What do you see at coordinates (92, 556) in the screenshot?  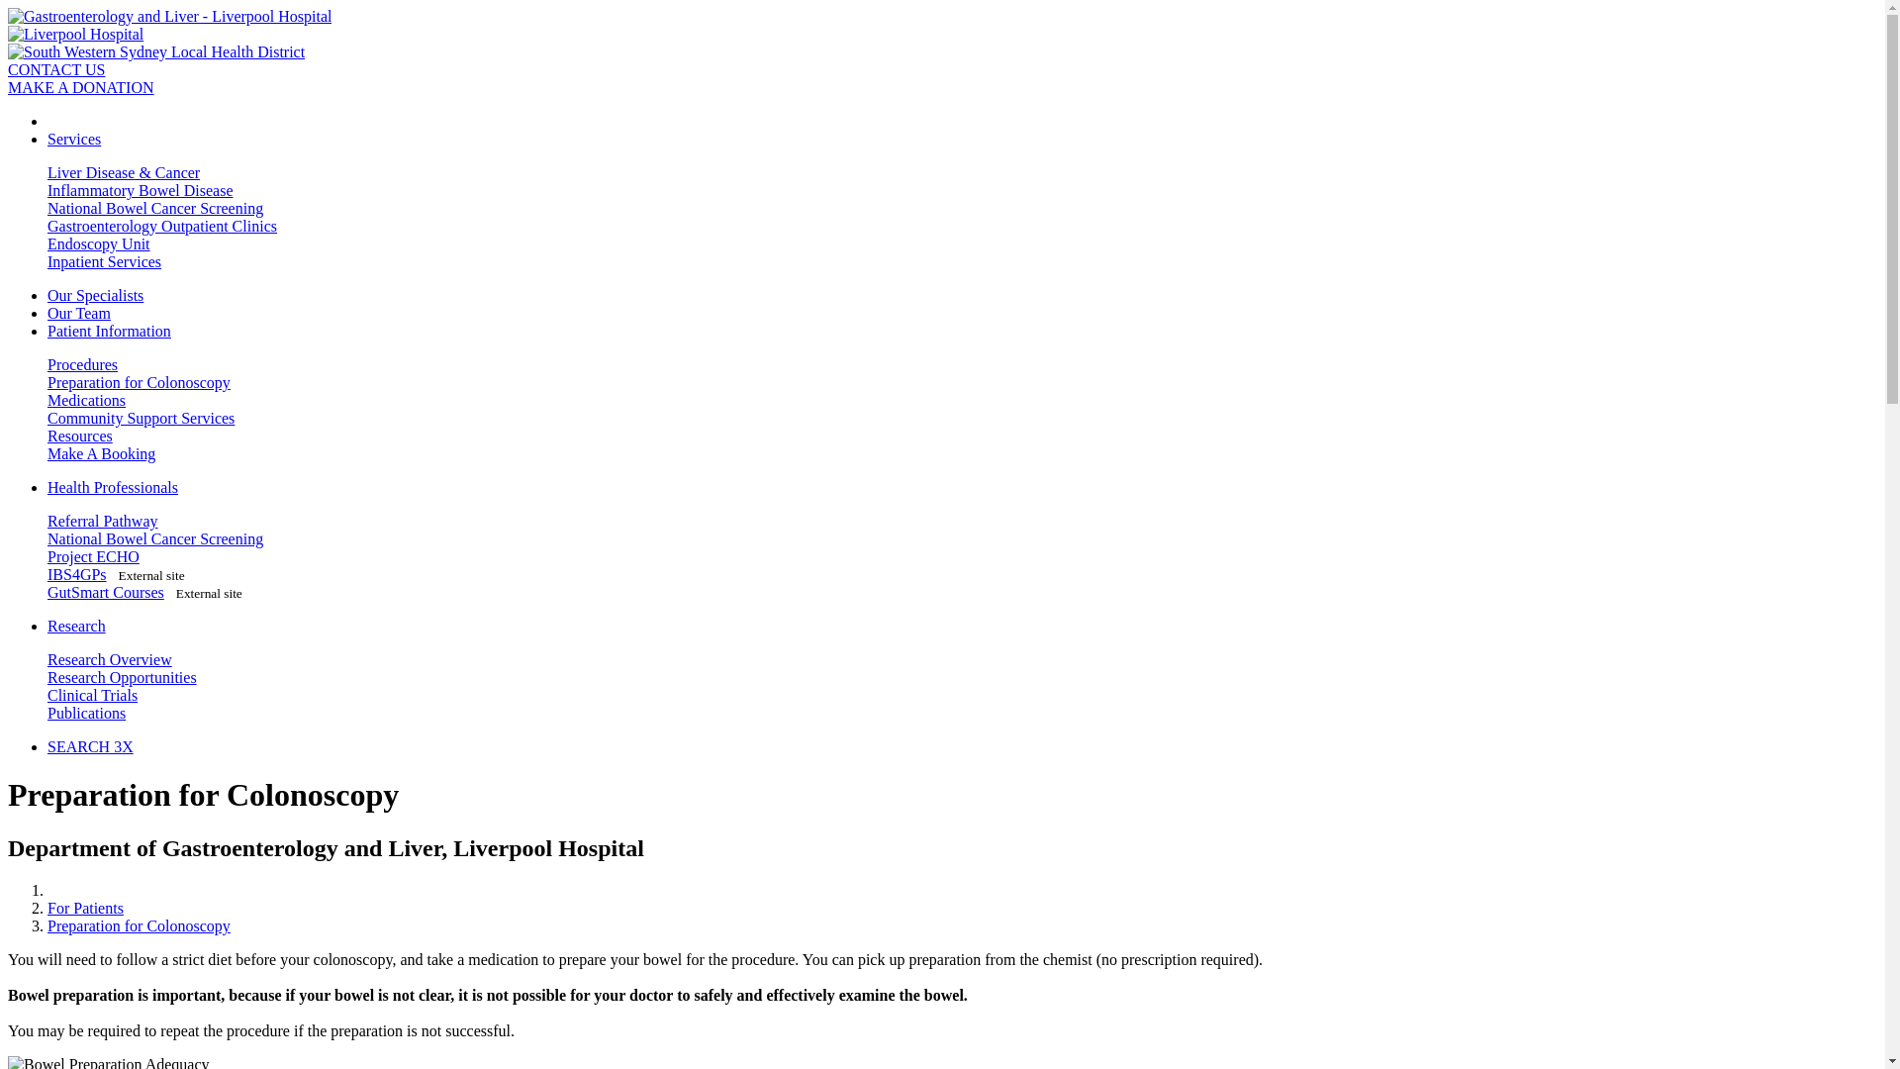 I see `'Project ECHO'` at bounding box center [92, 556].